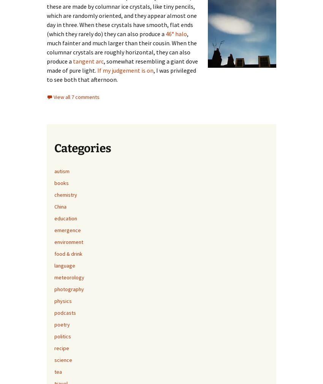 This screenshot has height=384, width=323. What do you see at coordinates (63, 301) in the screenshot?
I see `'physics'` at bounding box center [63, 301].